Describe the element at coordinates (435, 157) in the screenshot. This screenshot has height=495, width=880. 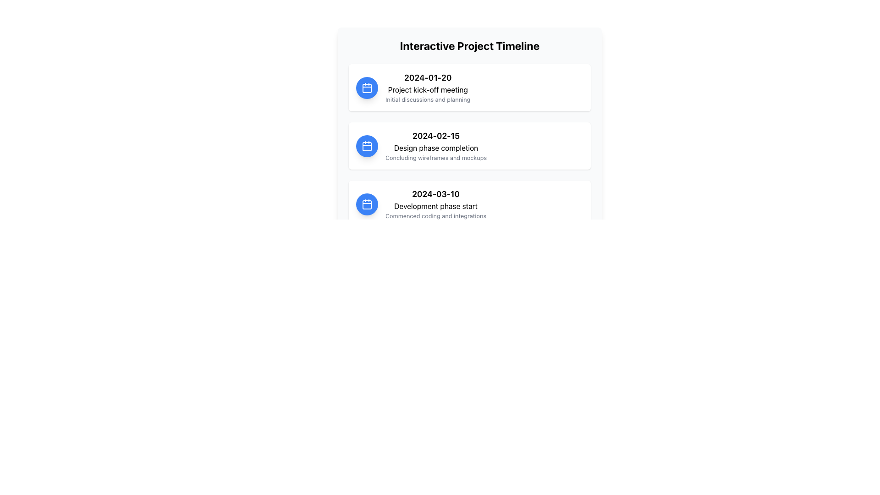
I see `the descriptive text label that provides additional details about 'Design phase completion', located below the date '2024-02-15'` at that location.